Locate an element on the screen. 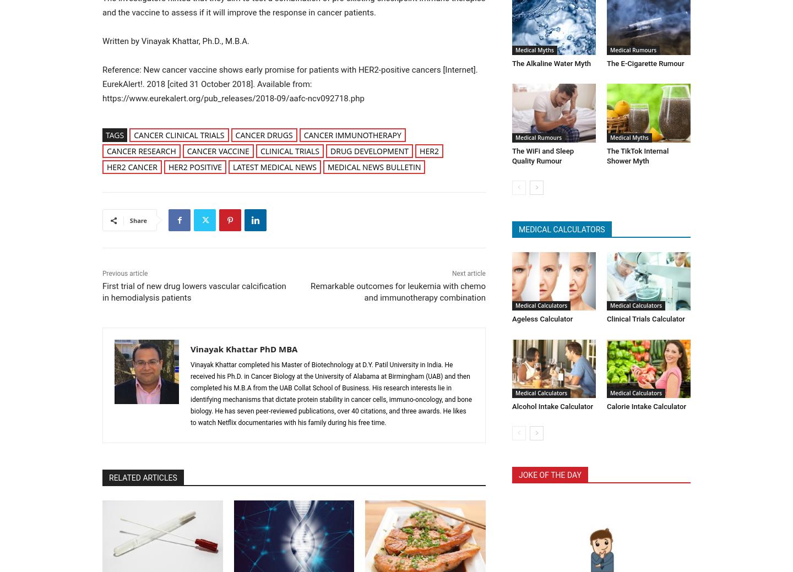 The width and height of the screenshot is (793, 572). 'Tags' is located at coordinates (115, 135).